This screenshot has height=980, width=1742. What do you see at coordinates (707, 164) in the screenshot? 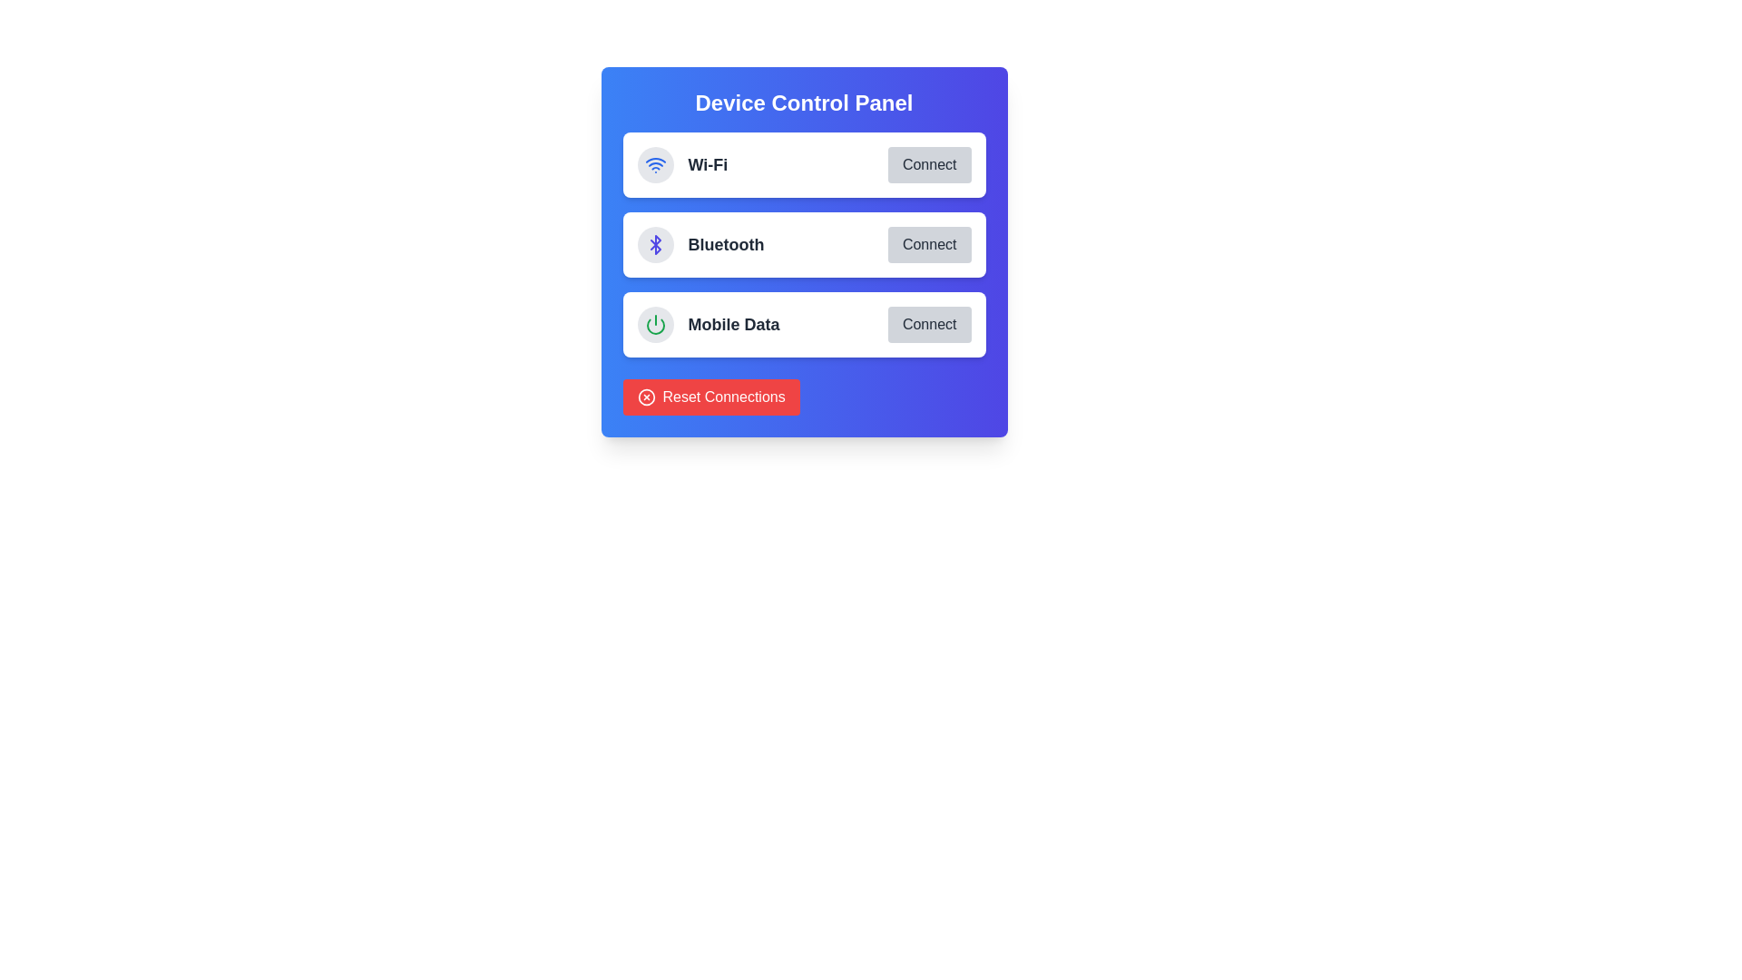
I see `the 'Wi-Fi' text label, which is bold and large, located in the first row of the network configuration options under the 'Device Control Panel'` at bounding box center [707, 164].